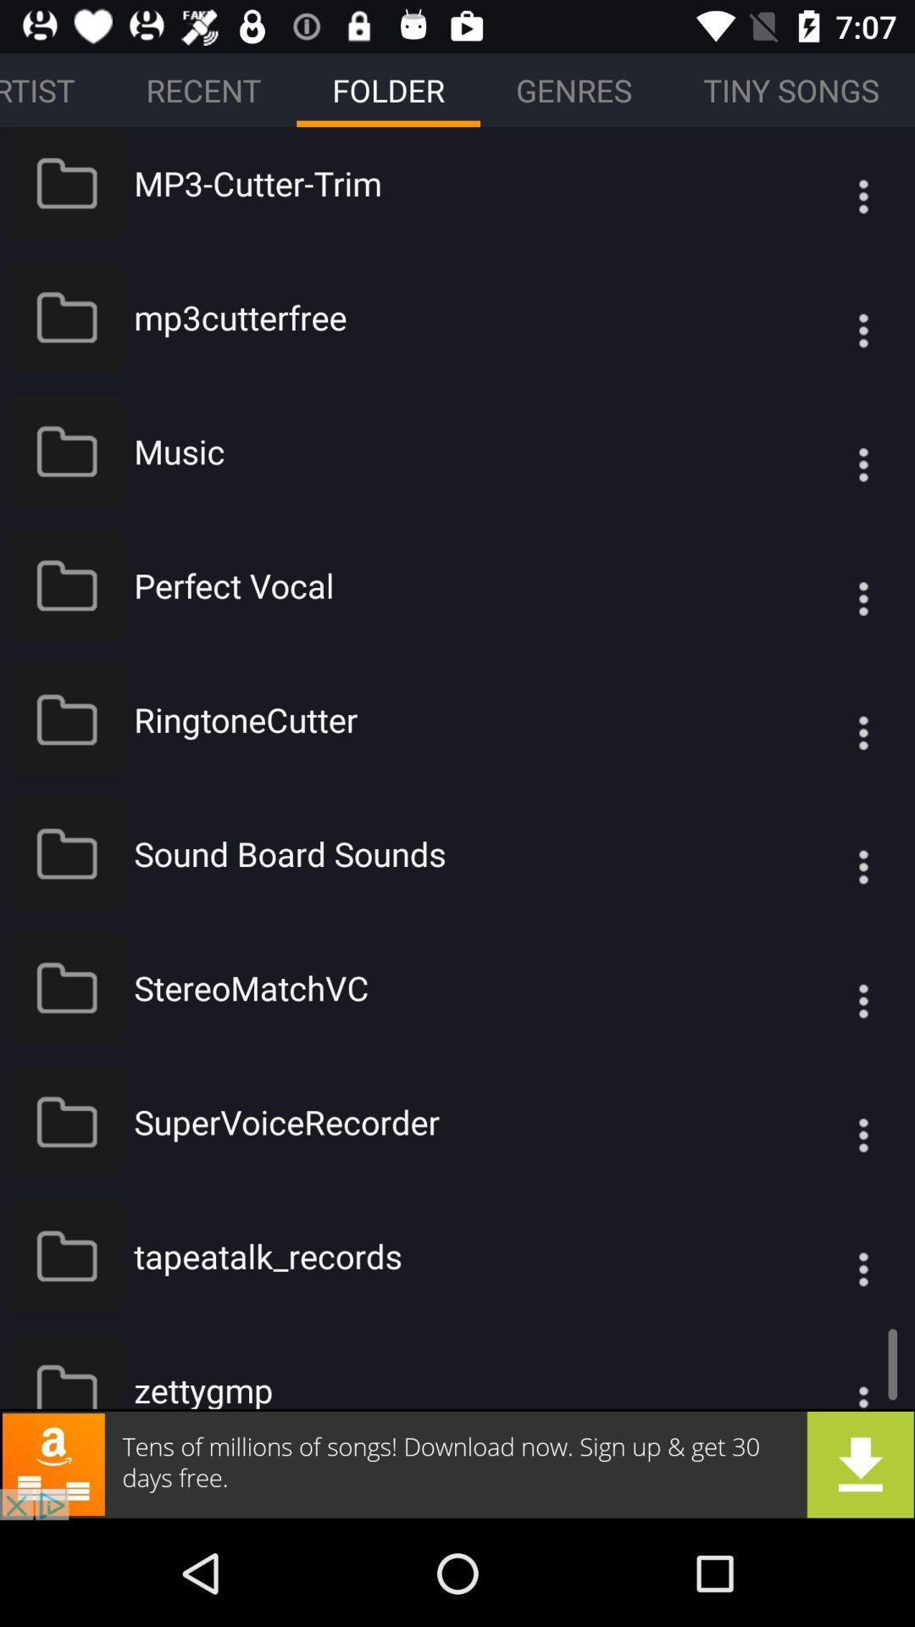 The height and width of the screenshot is (1627, 915). Describe the element at coordinates (66, 988) in the screenshot. I see `the folder icon which is left hand side of the text stereo match vc` at that location.